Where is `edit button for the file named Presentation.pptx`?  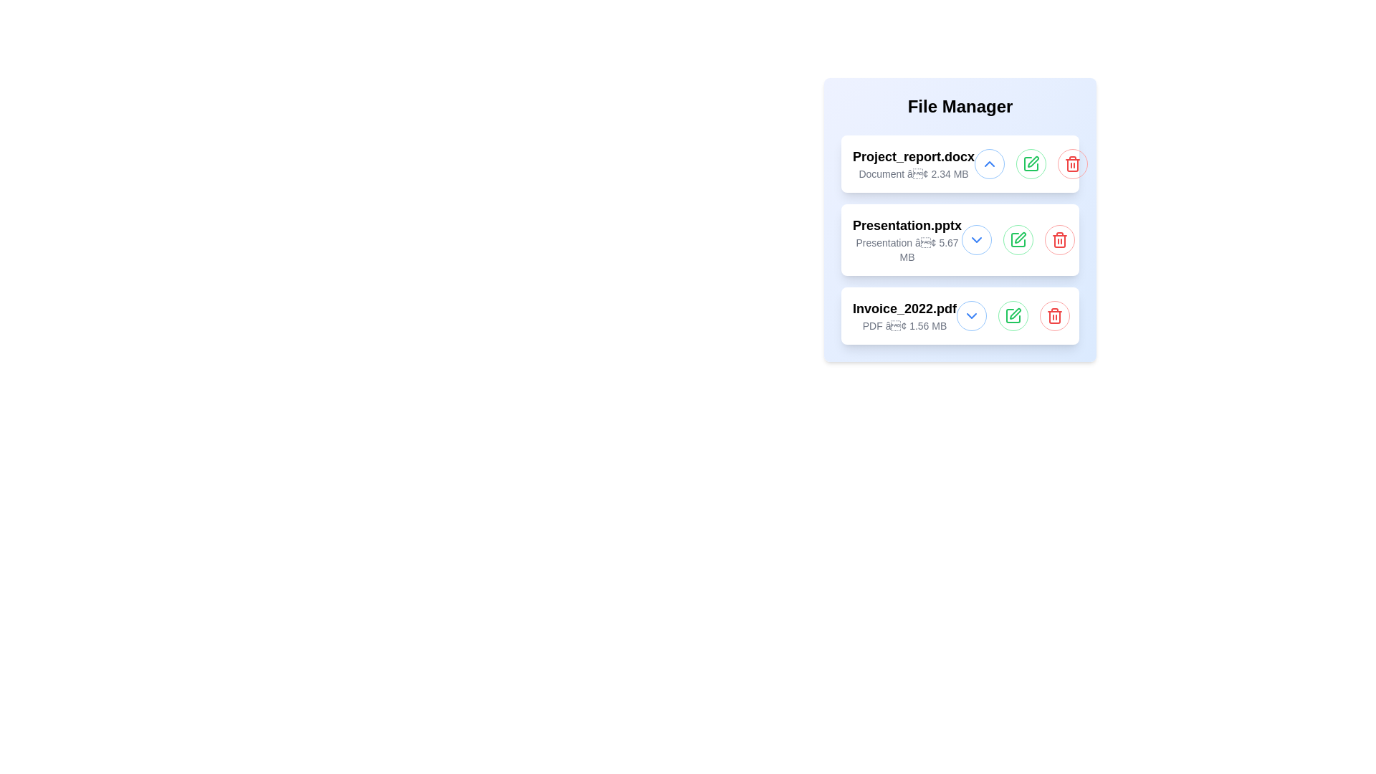 edit button for the file named Presentation.pptx is located at coordinates (1017, 239).